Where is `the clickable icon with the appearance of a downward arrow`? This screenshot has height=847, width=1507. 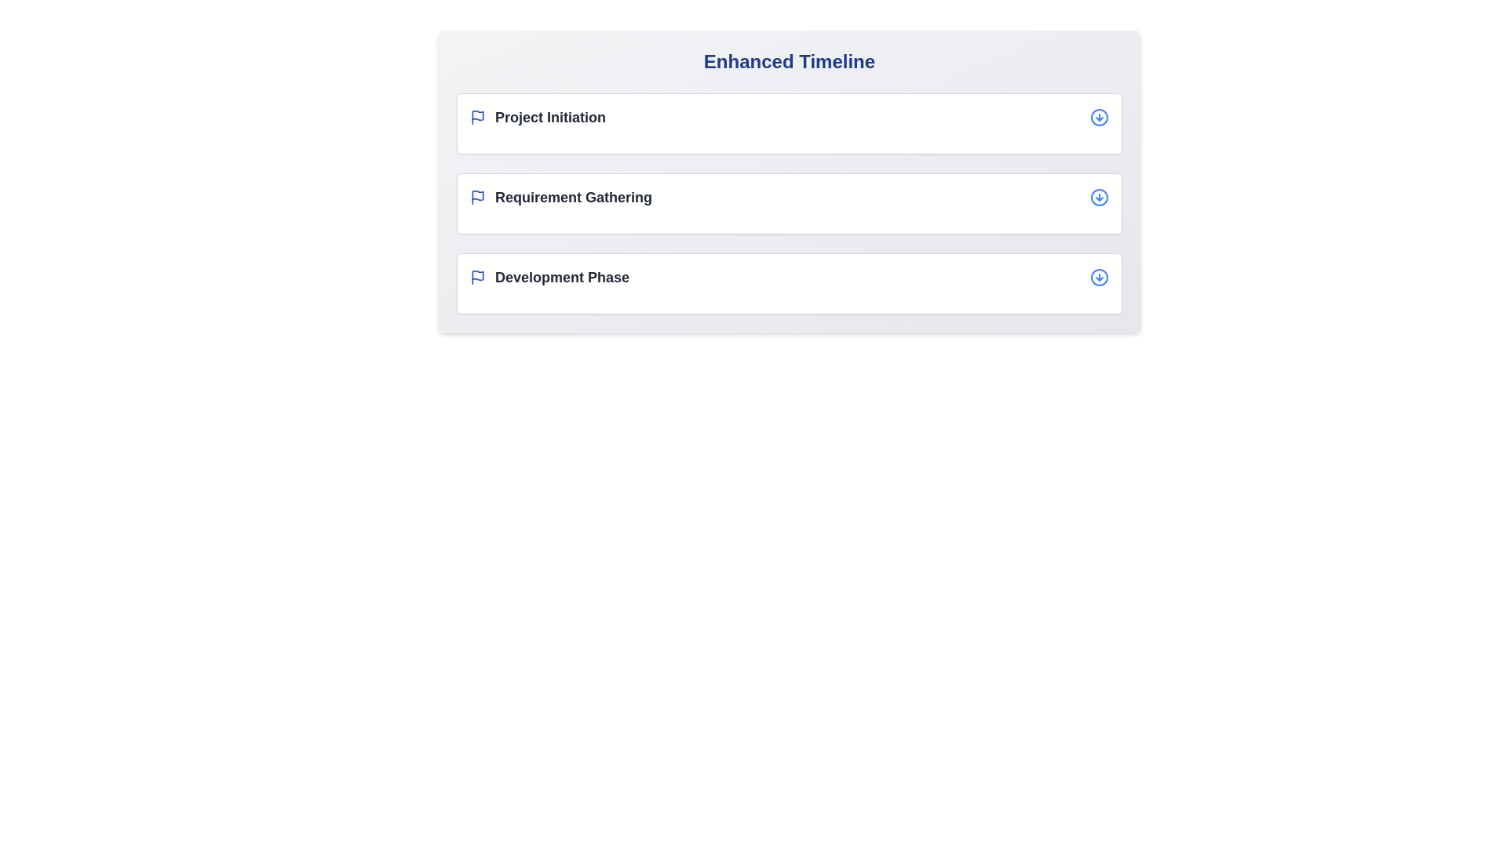
the clickable icon with the appearance of a downward arrow is located at coordinates (1099, 196).